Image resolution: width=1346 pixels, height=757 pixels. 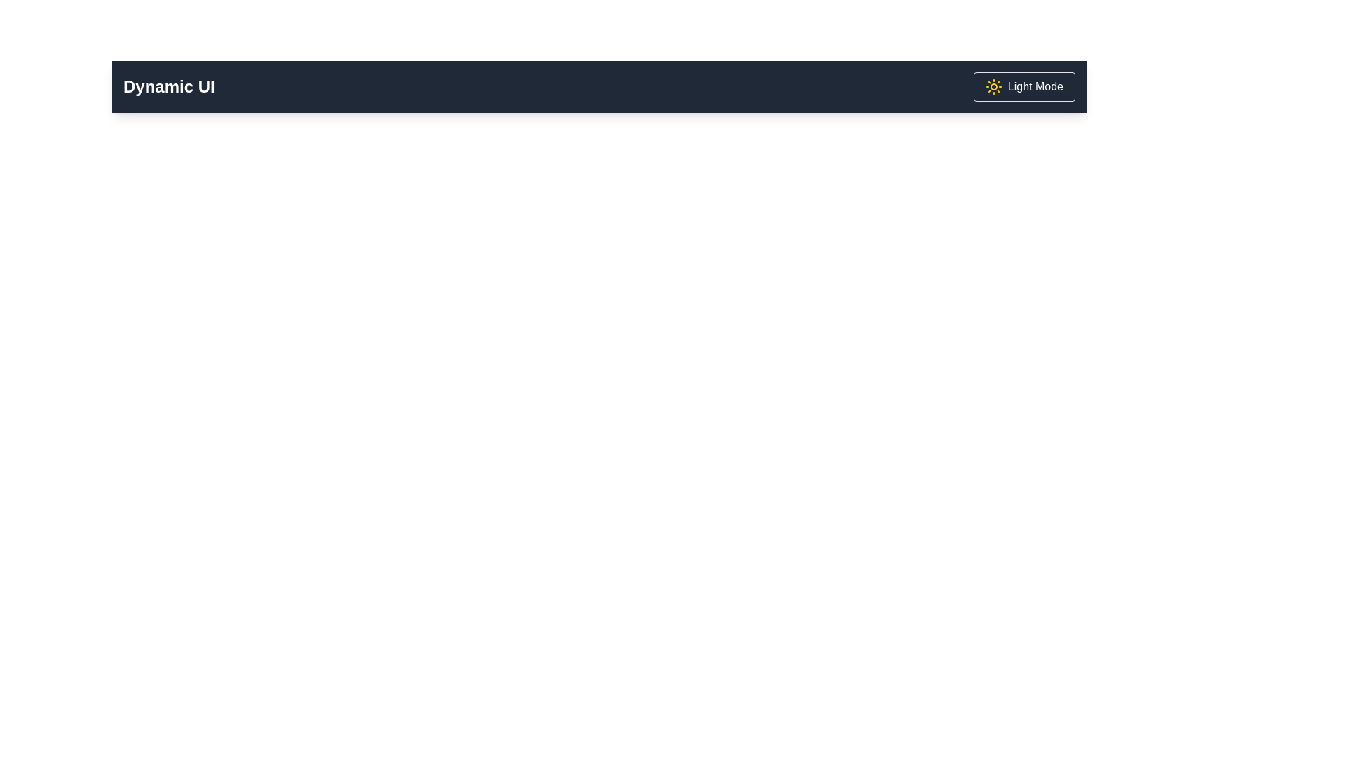 I want to click on theme toggle button to switch modes, so click(x=1024, y=86).